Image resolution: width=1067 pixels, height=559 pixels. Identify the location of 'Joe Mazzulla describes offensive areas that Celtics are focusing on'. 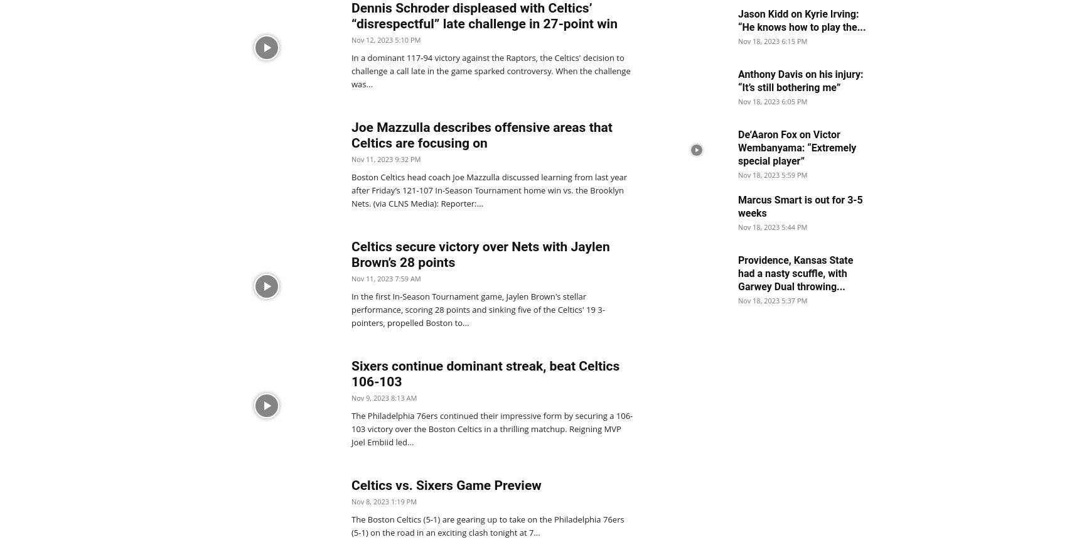
(481, 135).